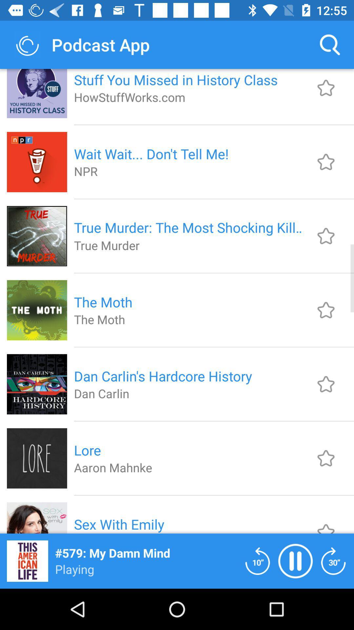  Describe the element at coordinates (326, 310) in the screenshot. I see `give star rating` at that location.